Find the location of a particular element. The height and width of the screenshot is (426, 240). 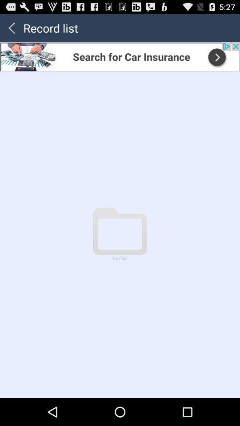

back button is located at coordinates (11, 28).